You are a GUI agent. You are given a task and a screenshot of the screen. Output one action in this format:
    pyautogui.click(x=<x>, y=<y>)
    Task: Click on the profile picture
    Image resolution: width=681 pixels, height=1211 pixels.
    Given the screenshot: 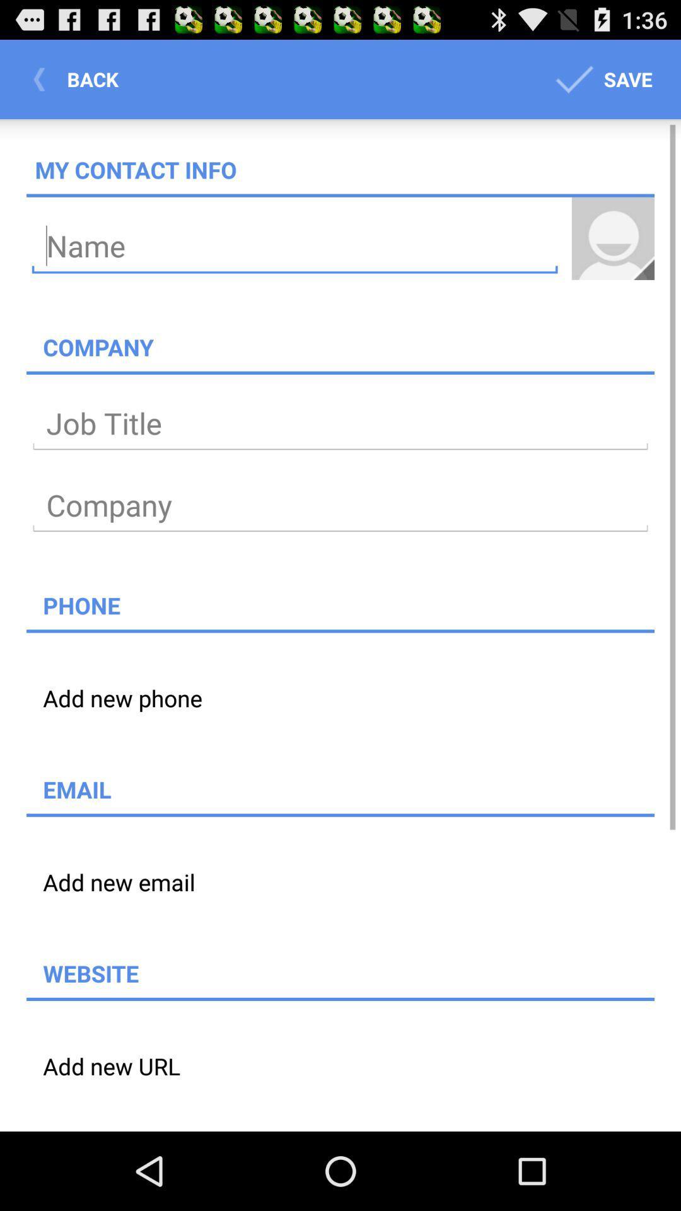 What is the action you would take?
    pyautogui.click(x=612, y=238)
    